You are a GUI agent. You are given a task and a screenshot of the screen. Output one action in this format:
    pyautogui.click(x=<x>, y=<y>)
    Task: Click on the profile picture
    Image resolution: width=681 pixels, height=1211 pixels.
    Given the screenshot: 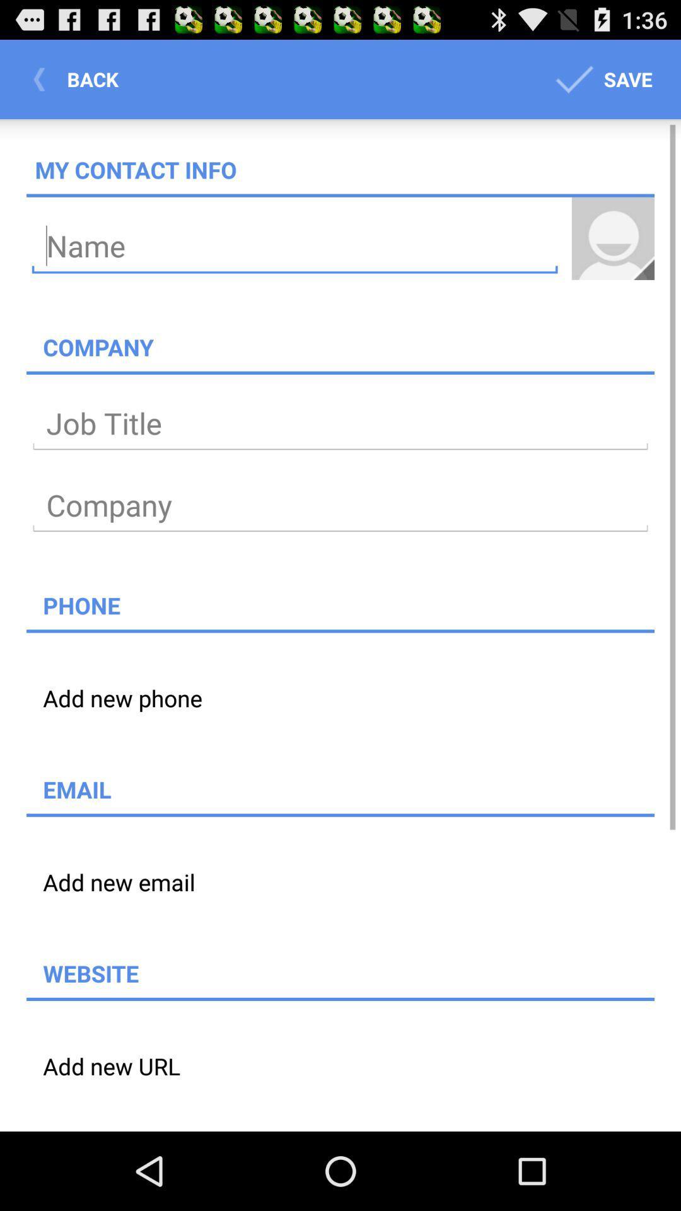 What is the action you would take?
    pyautogui.click(x=612, y=238)
    